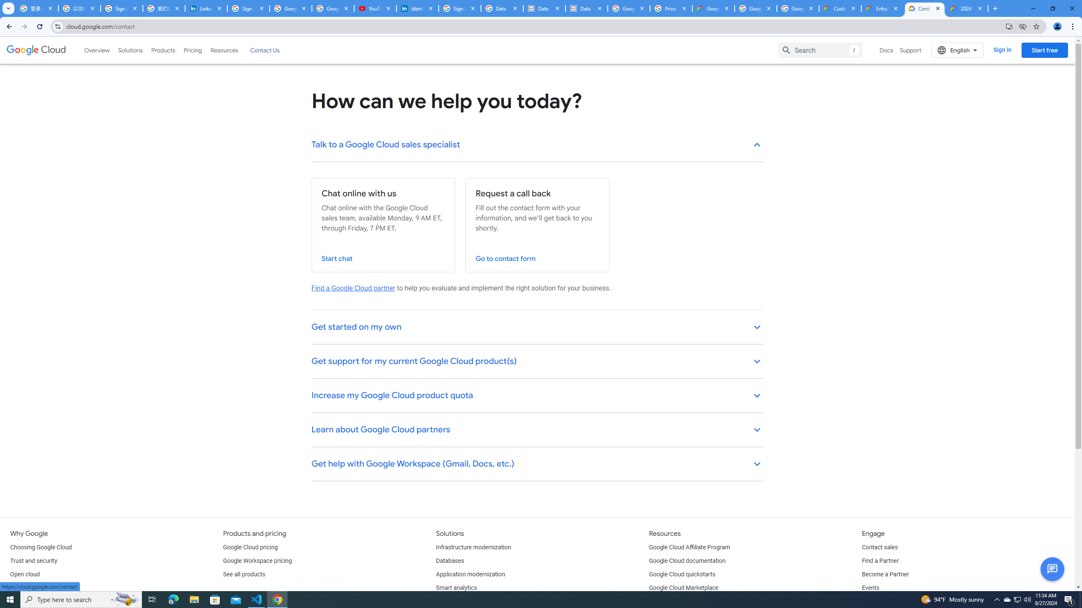  What do you see at coordinates (57, 26) in the screenshot?
I see `'View site information'` at bounding box center [57, 26].